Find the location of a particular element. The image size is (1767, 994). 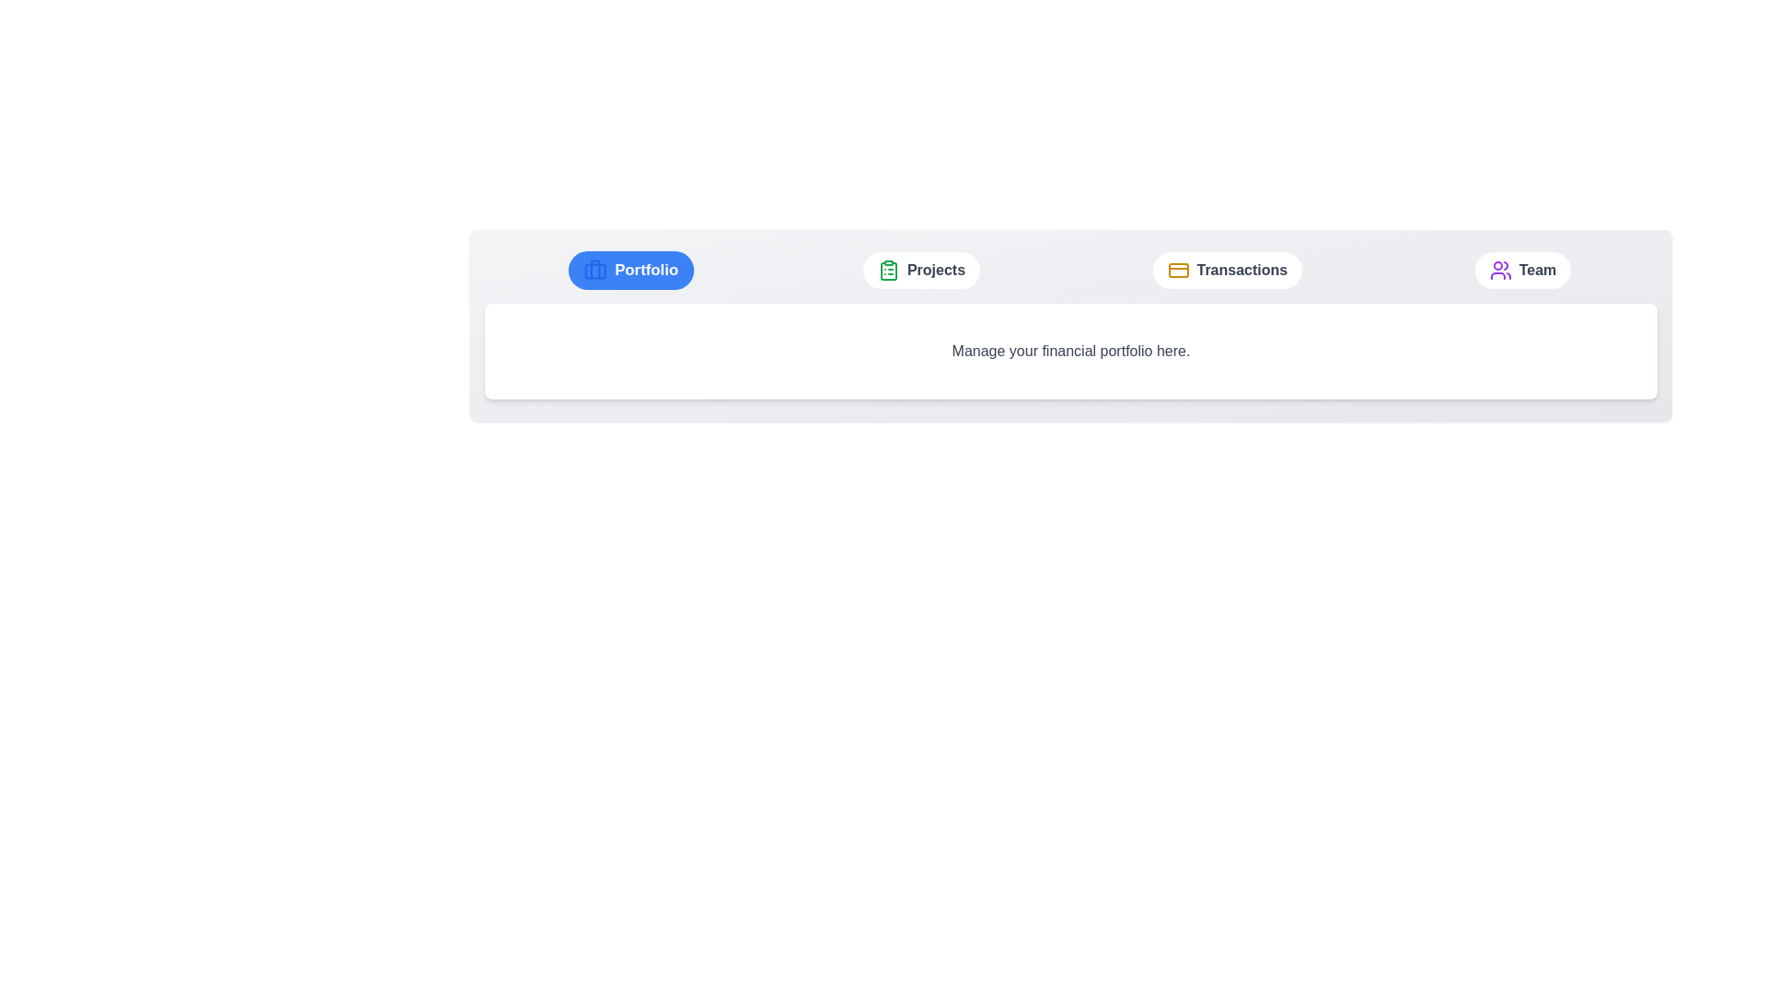

the Projects tab is located at coordinates (921, 270).